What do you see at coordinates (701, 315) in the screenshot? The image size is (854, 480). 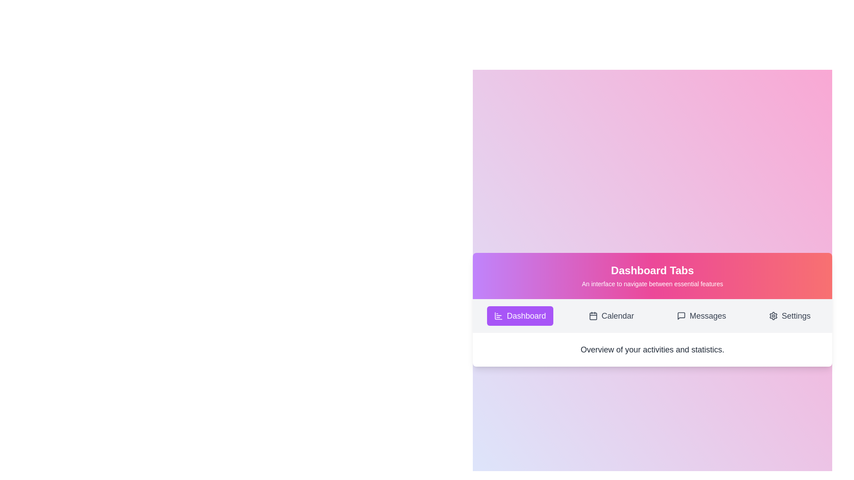 I see `the 'Messages' navigation button to change its background color` at bounding box center [701, 315].